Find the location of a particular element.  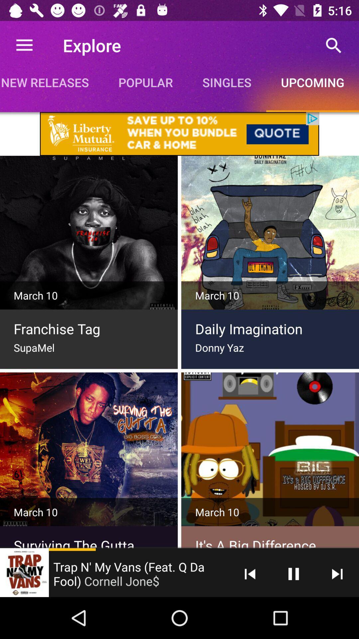

app next to the singles is located at coordinates (333, 45).